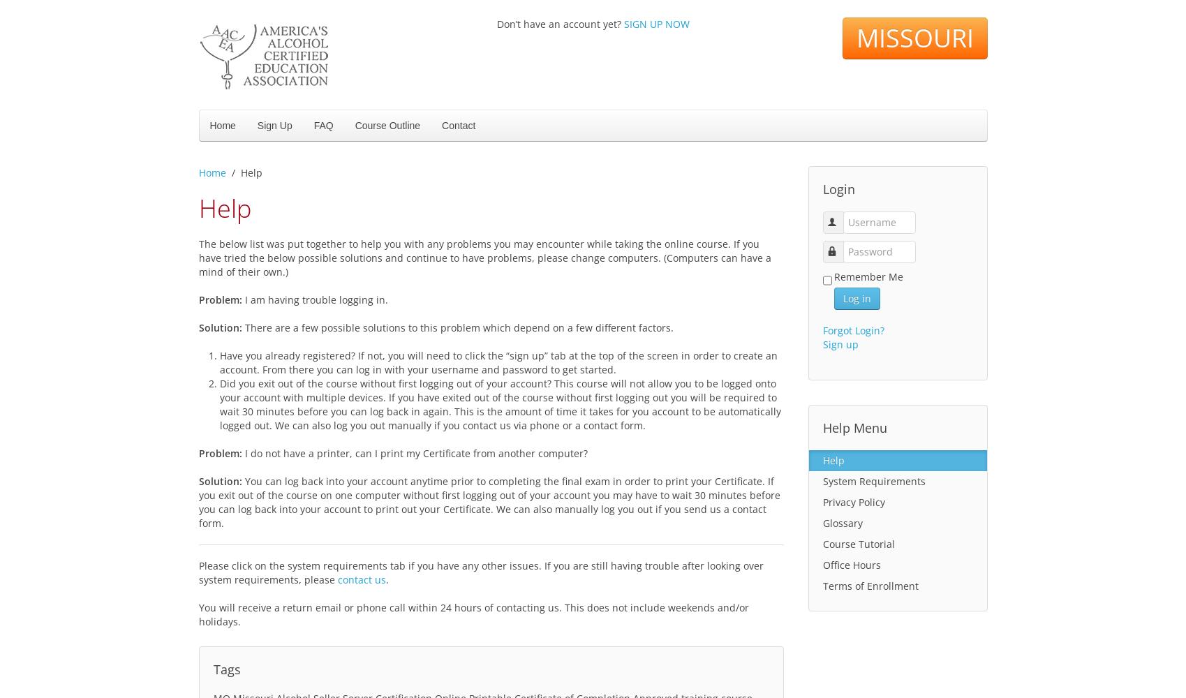 This screenshot has width=1186, height=698. I want to click on 'Course Outline', so click(387, 126).